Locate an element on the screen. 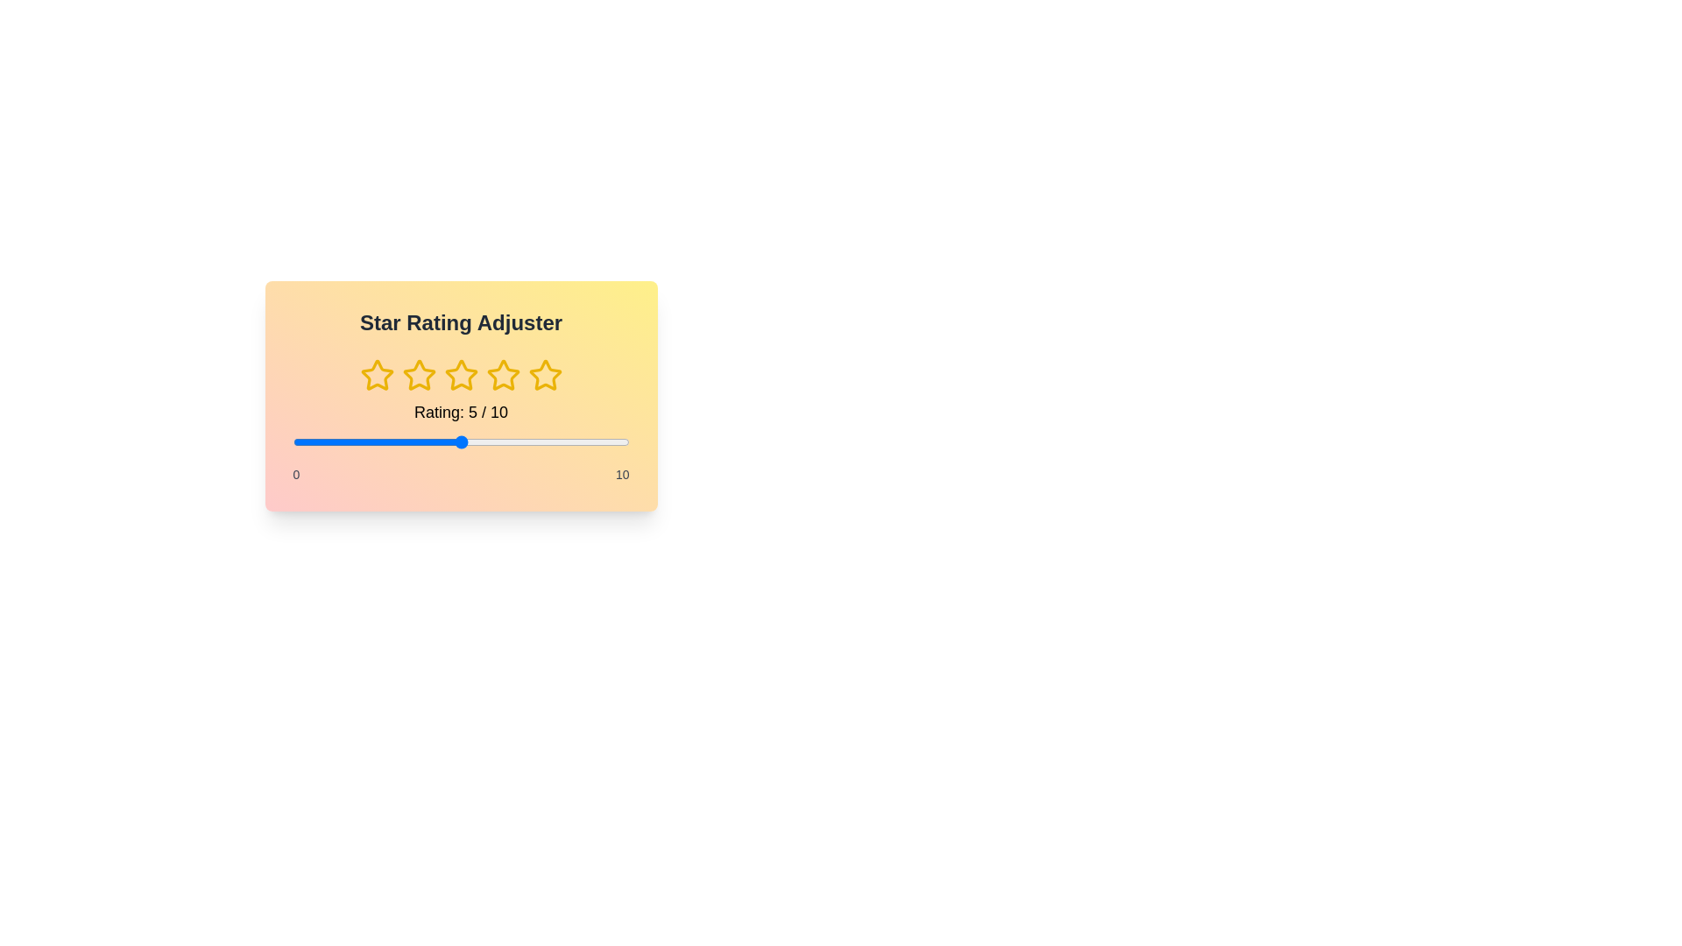 This screenshot has width=1682, height=946. the slider to set the rating to 5 within the range of 0 to 10 is located at coordinates (461, 441).